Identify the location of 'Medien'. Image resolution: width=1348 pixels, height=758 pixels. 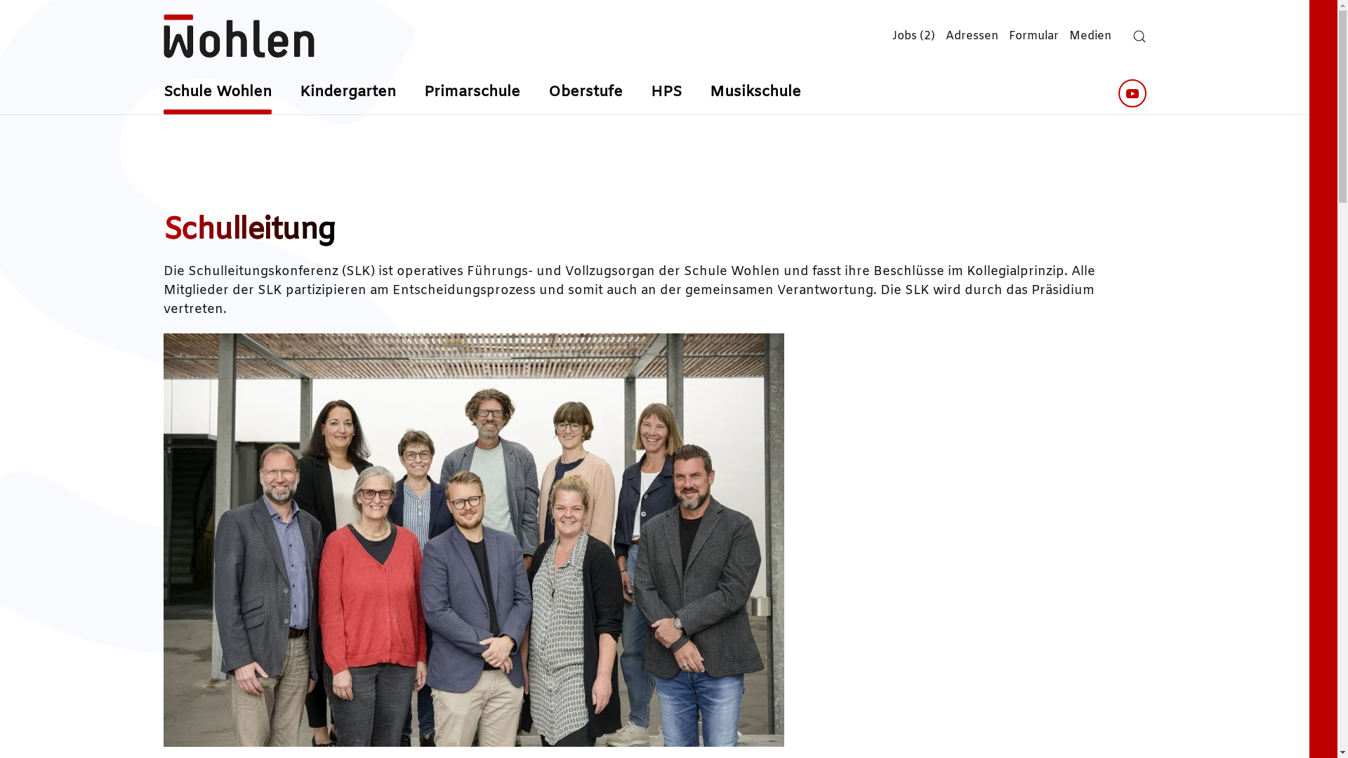
(1088, 35).